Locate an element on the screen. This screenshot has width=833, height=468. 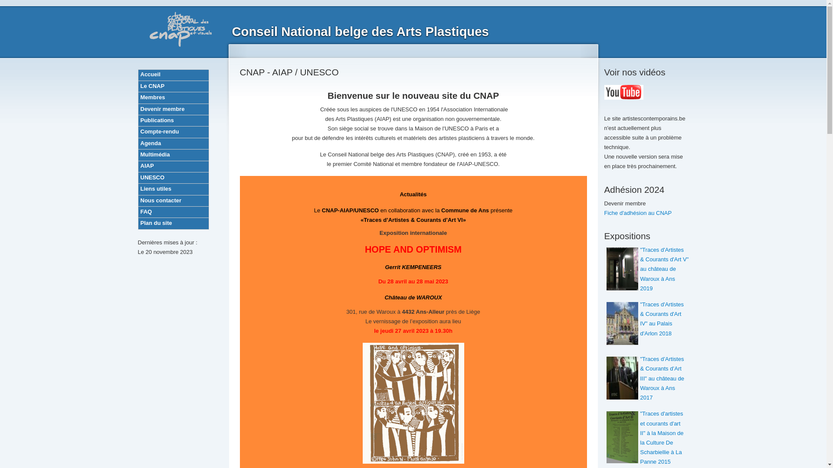
'Compte-rendu' is located at coordinates (173, 131).